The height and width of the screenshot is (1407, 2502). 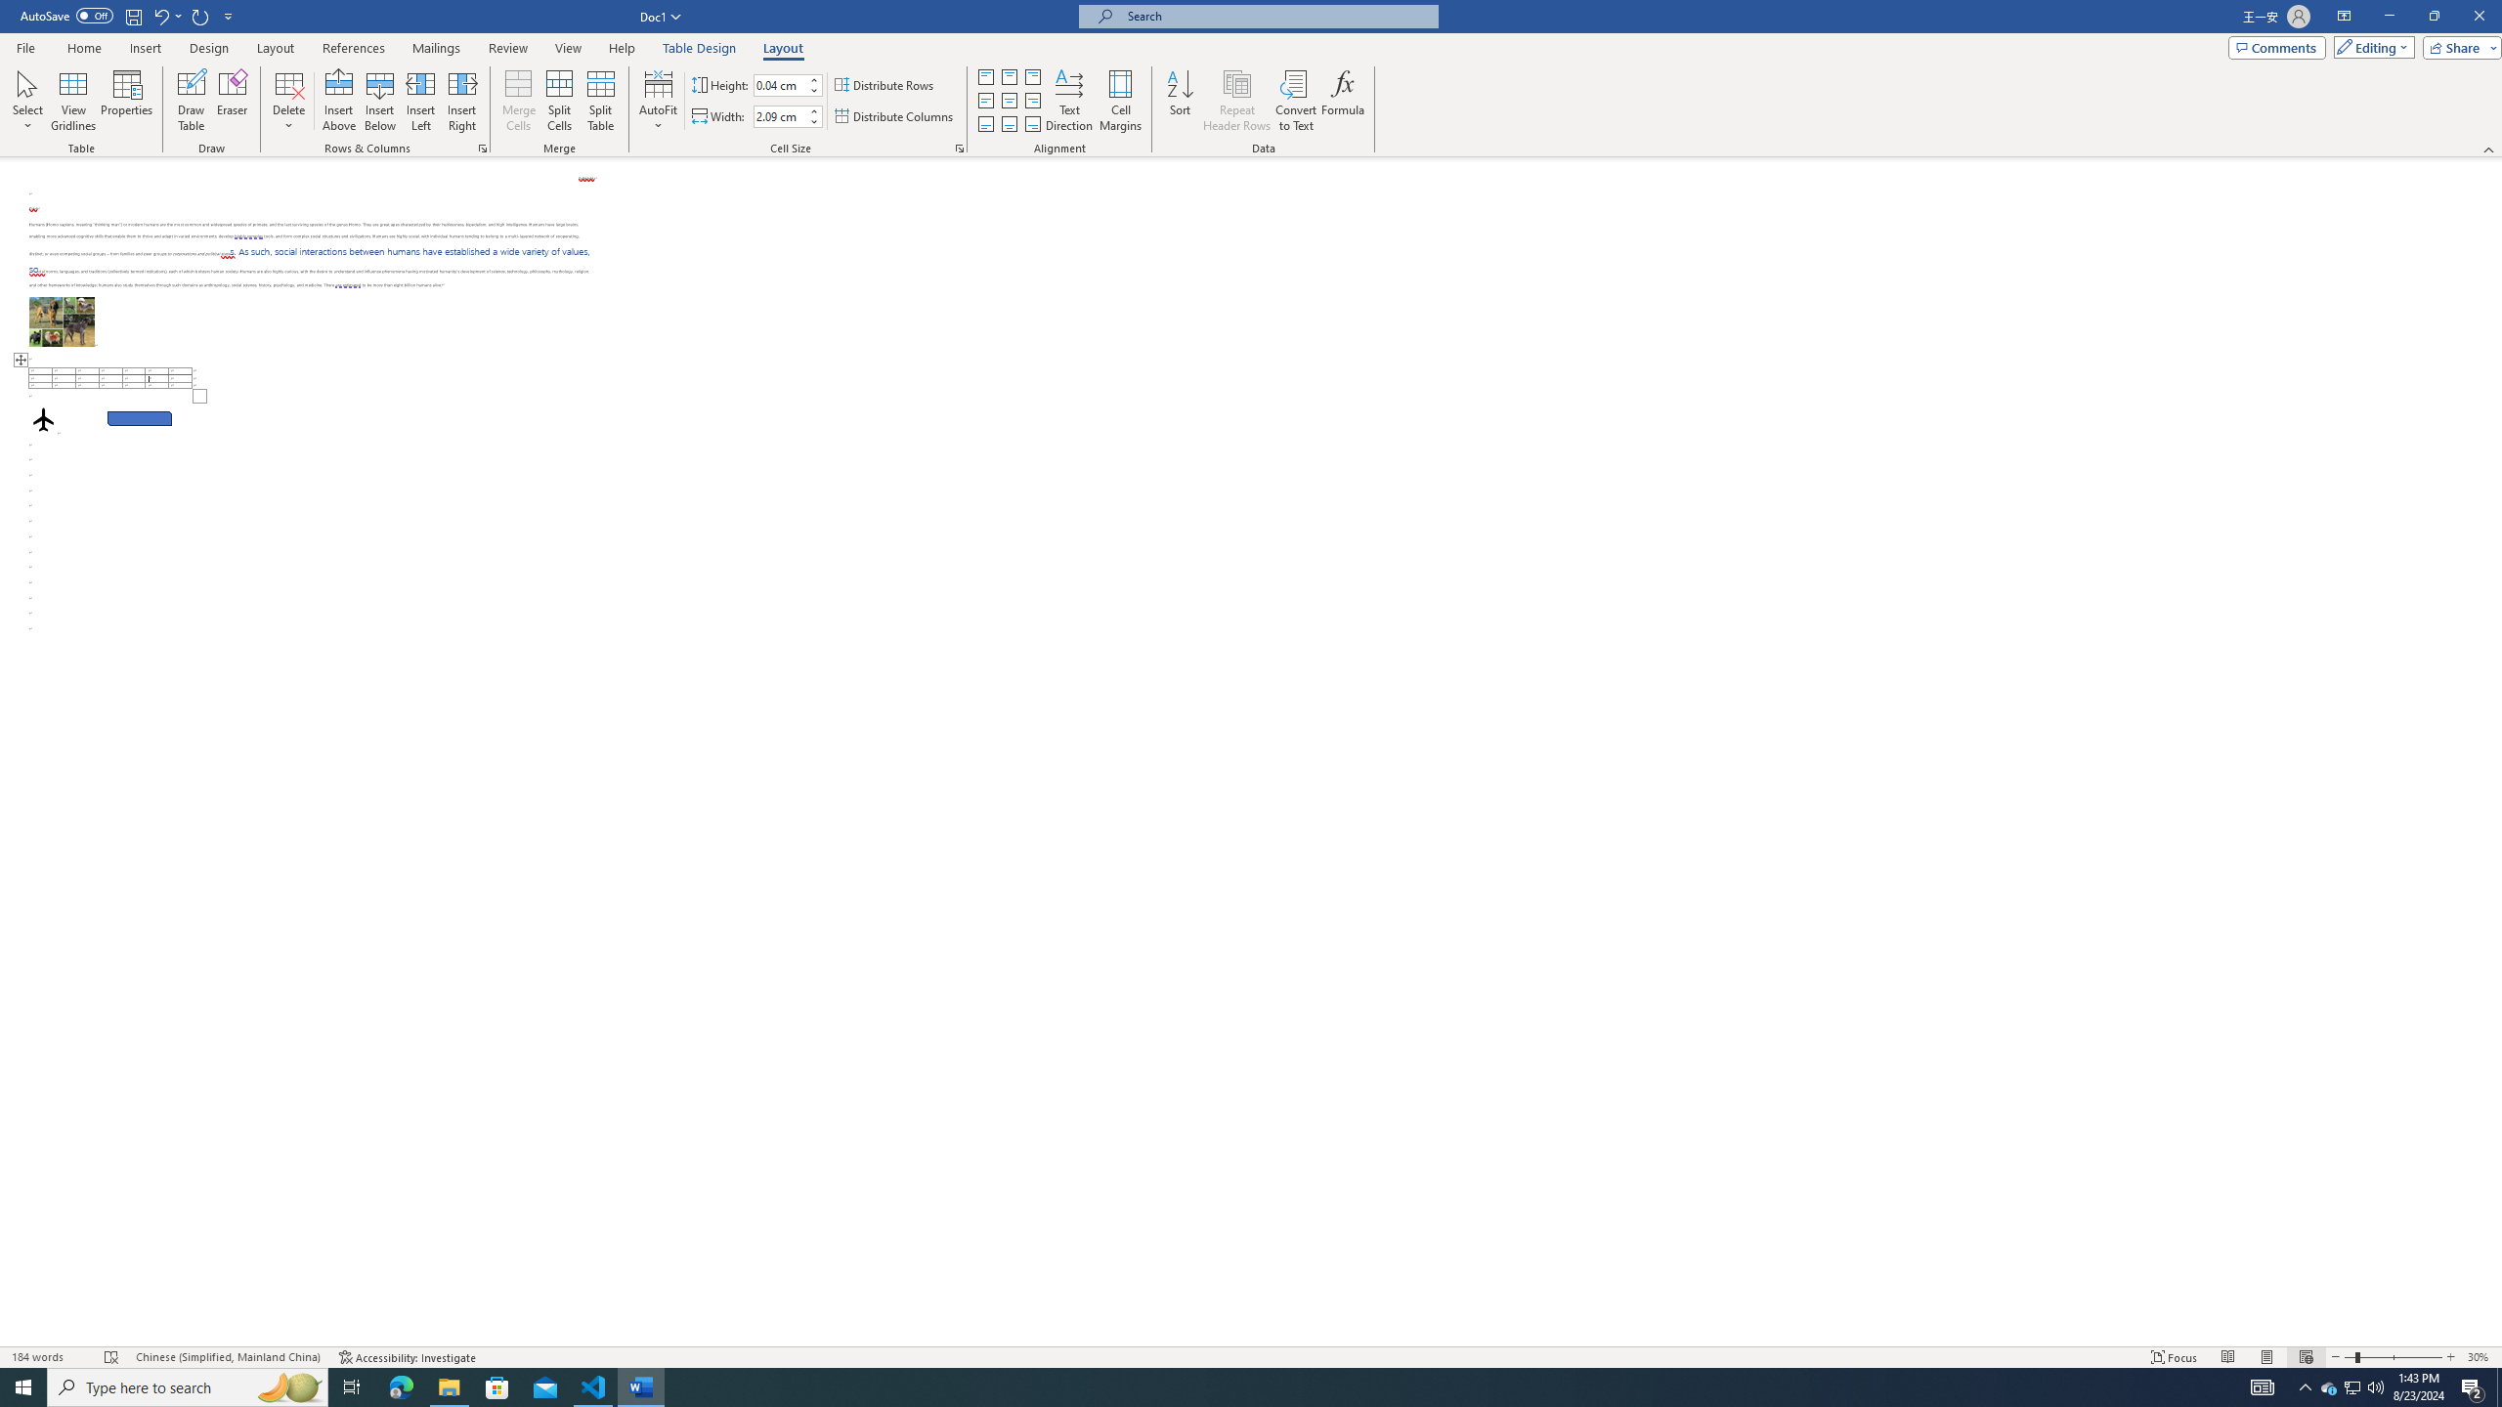 What do you see at coordinates (569, 48) in the screenshot?
I see `'View'` at bounding box center [569, 48].